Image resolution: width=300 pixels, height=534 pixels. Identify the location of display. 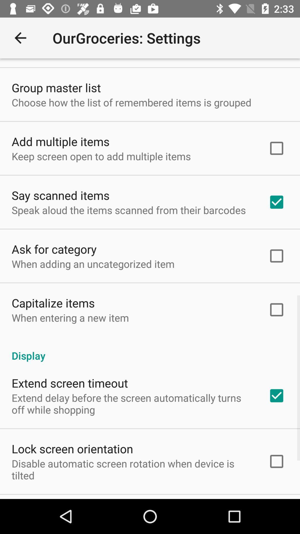
(150, 349).